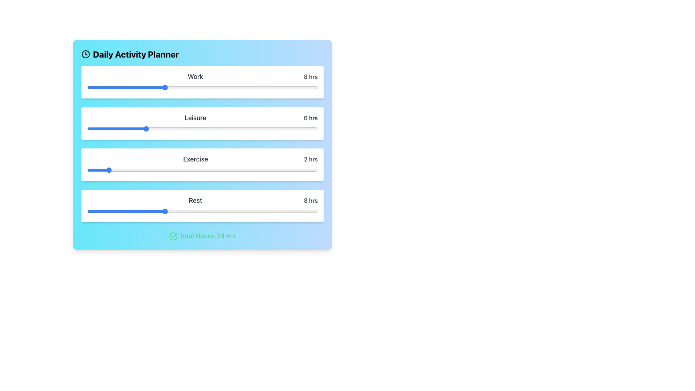 This screenshot has width=695, height=391. What do you see at coordinates (202, 159) in the screenshot?
I see `the Text Display element that represents the third activity slot in the 'Daily Activity Planner' panel` at bounding box center [202, 159].